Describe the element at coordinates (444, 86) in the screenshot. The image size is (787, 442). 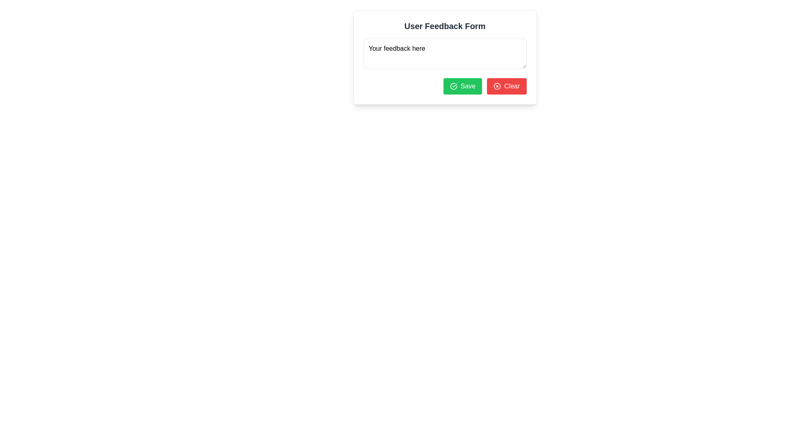
I see `the group of two buttons labeled 'Save' and 'Clear'` at that location.